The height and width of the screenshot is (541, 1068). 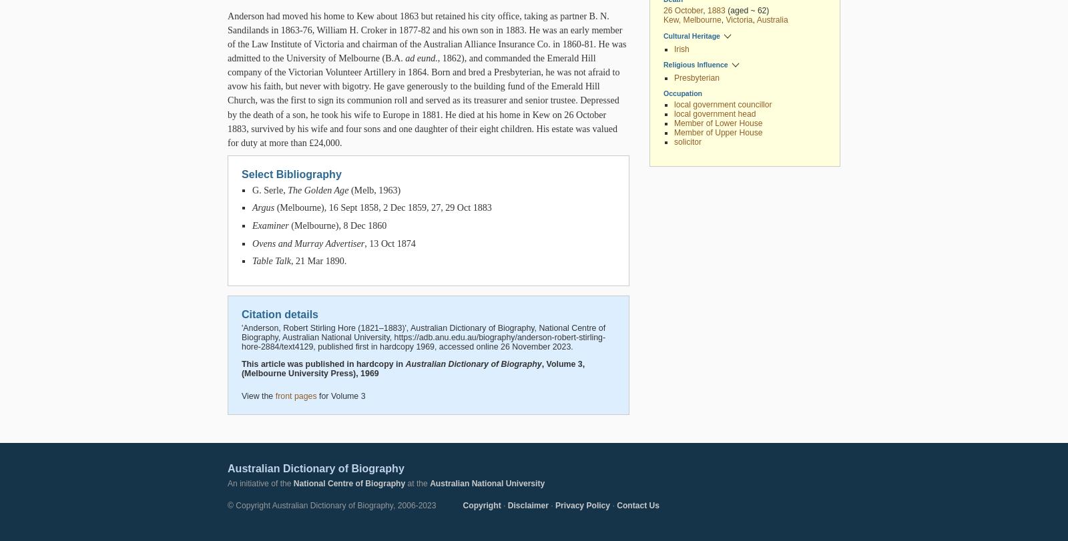 I want to click on ', 13 Oct 1874', so click(x=389, y=242).